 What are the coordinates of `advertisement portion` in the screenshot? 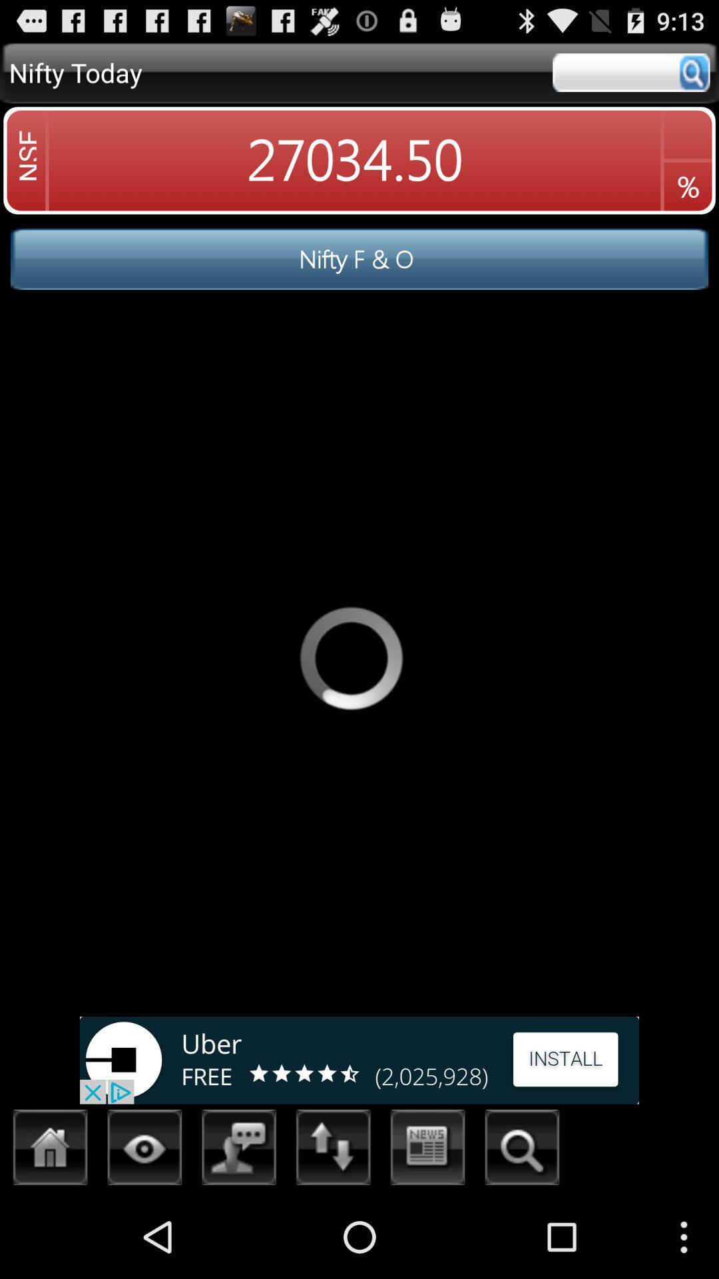 It's located at (359, 1059).